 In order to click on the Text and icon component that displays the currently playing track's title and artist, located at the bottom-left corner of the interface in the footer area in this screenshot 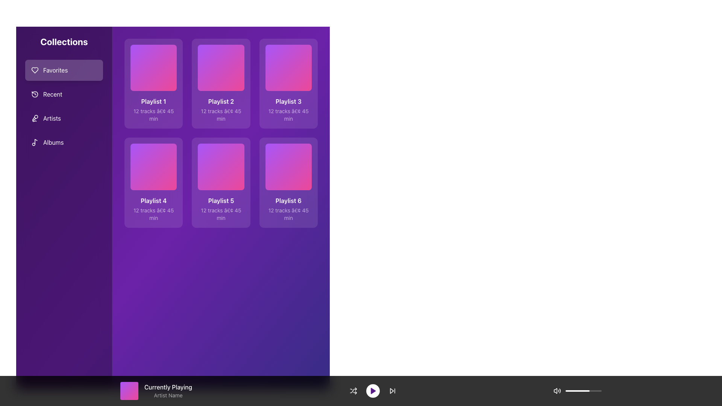, I will do `click(156, 391)`.